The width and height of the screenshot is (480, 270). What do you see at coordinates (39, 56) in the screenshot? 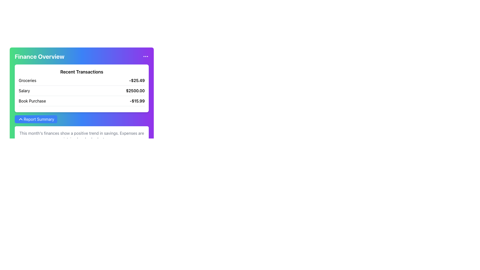
I see `the text label that serves as a header for the financial information section, located at the top-left corner of a purple gradient section` at bounding box center [39, 56].